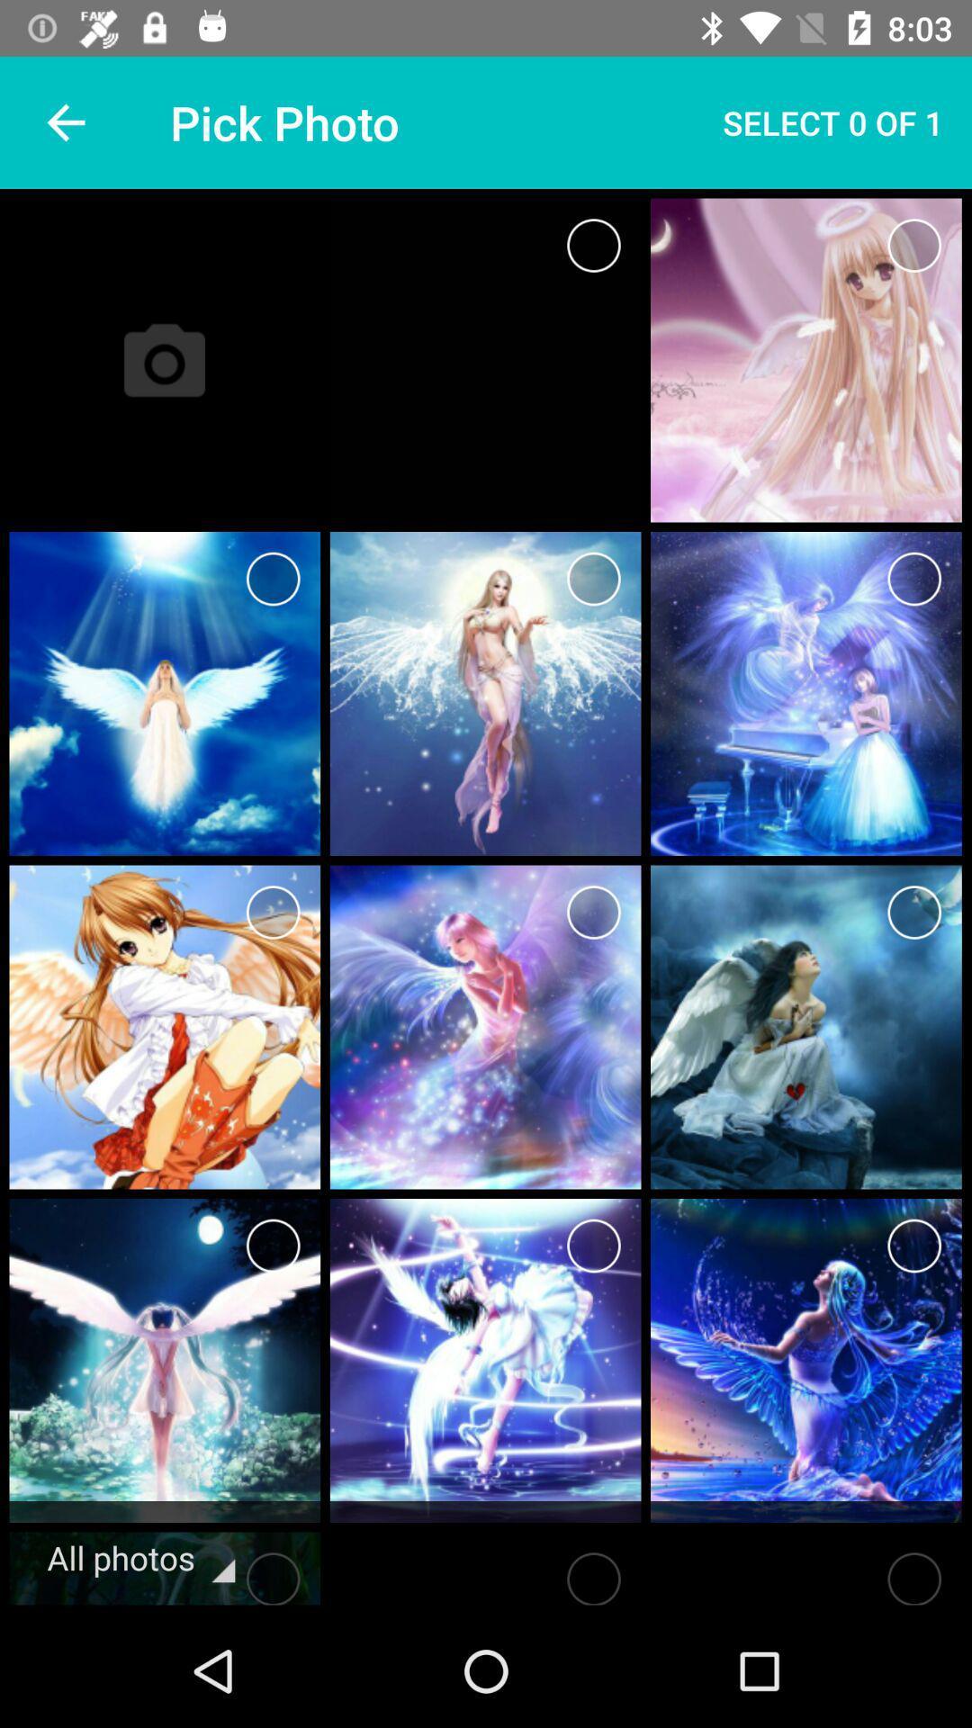 Image resolution: width=972 pixels, height=1728 pixels. What do you see at coordinates (914, 245) in the screenshot?
I see `choose this photo` at bounding box center [914, 245].